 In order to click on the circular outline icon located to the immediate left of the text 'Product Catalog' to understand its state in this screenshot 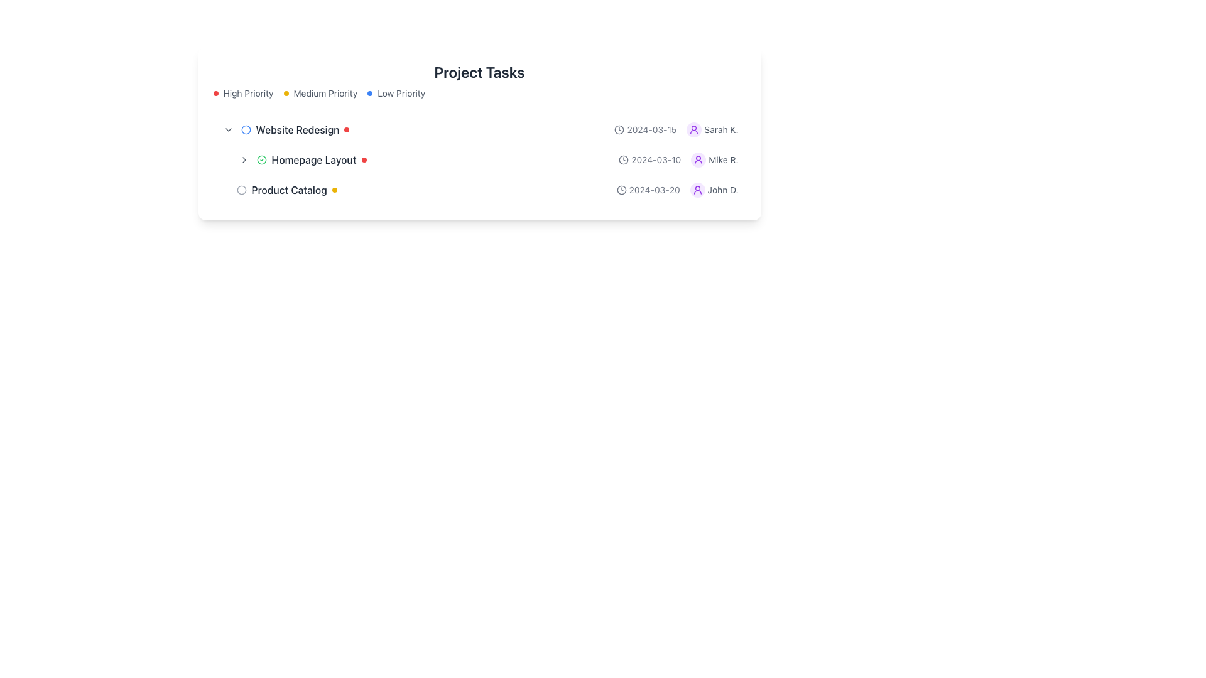, I will do `click(241, 190)`.